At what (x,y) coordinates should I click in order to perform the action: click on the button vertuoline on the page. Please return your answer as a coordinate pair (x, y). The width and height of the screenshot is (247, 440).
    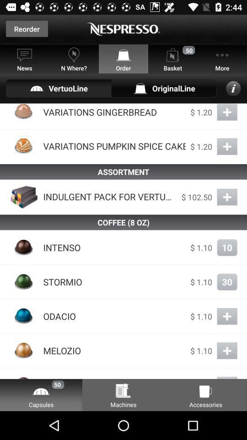
    Looking at the image, I should click on (59, 88).